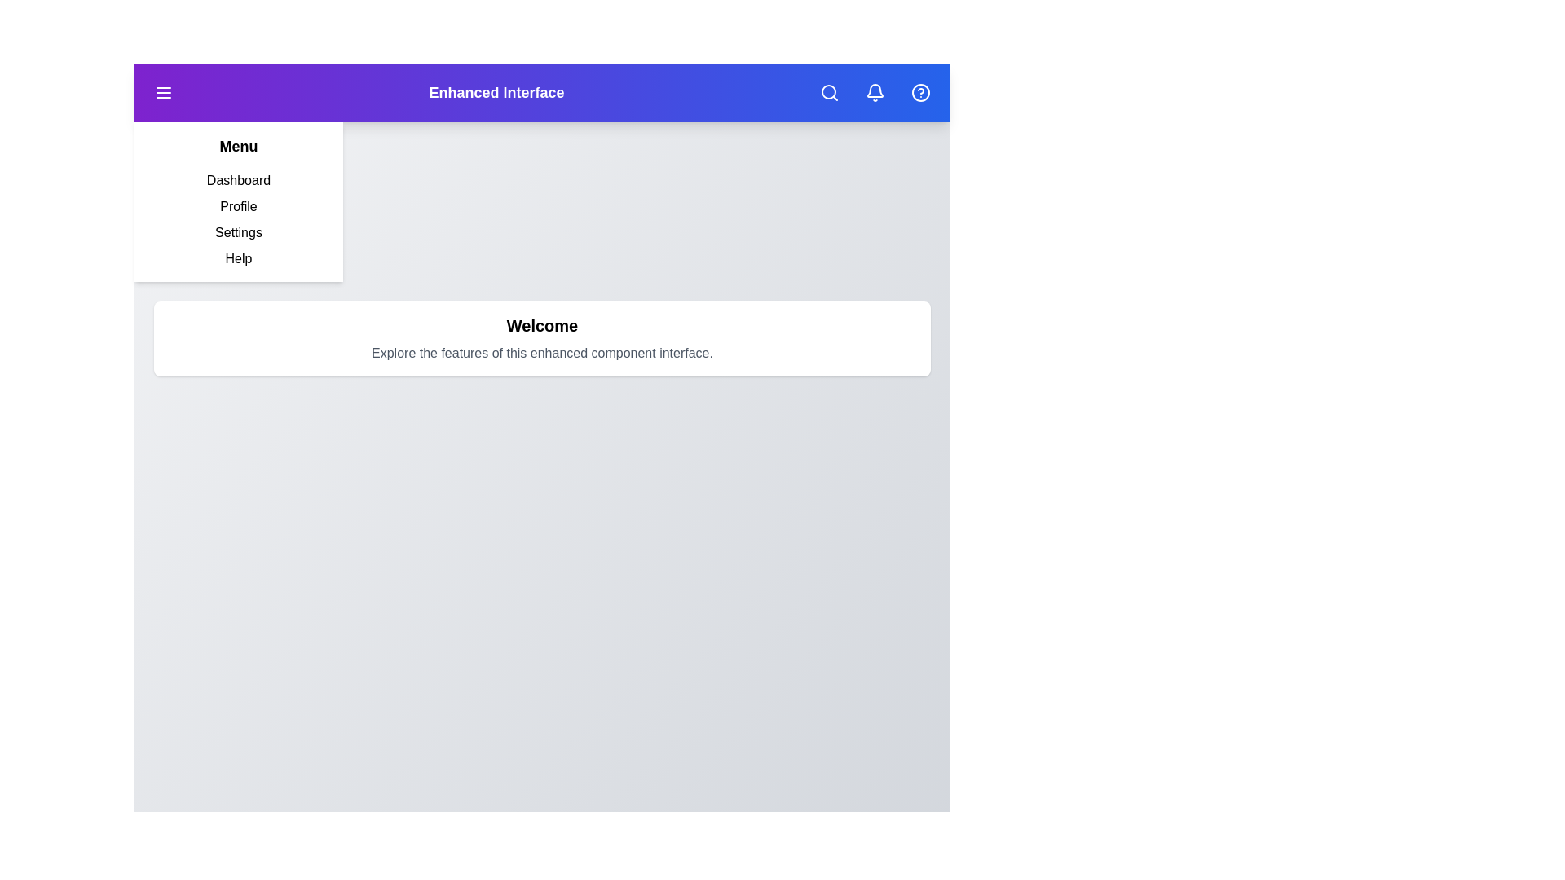  Describe the element at coordinates (164, 93) in the screenshot. I see `the menu button located in the top-left corner of the app bar` at that location.